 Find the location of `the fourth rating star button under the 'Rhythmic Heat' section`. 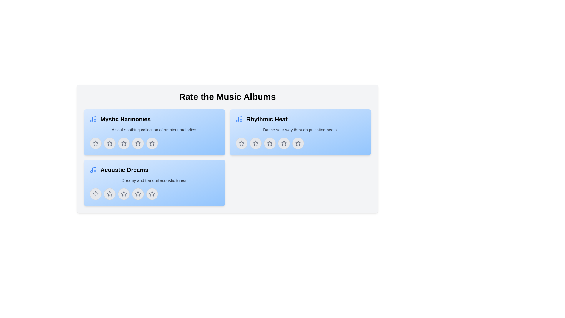

the fourth rating star button under the 'Rhythmic Heat' section is located at coordinates (284, 143).